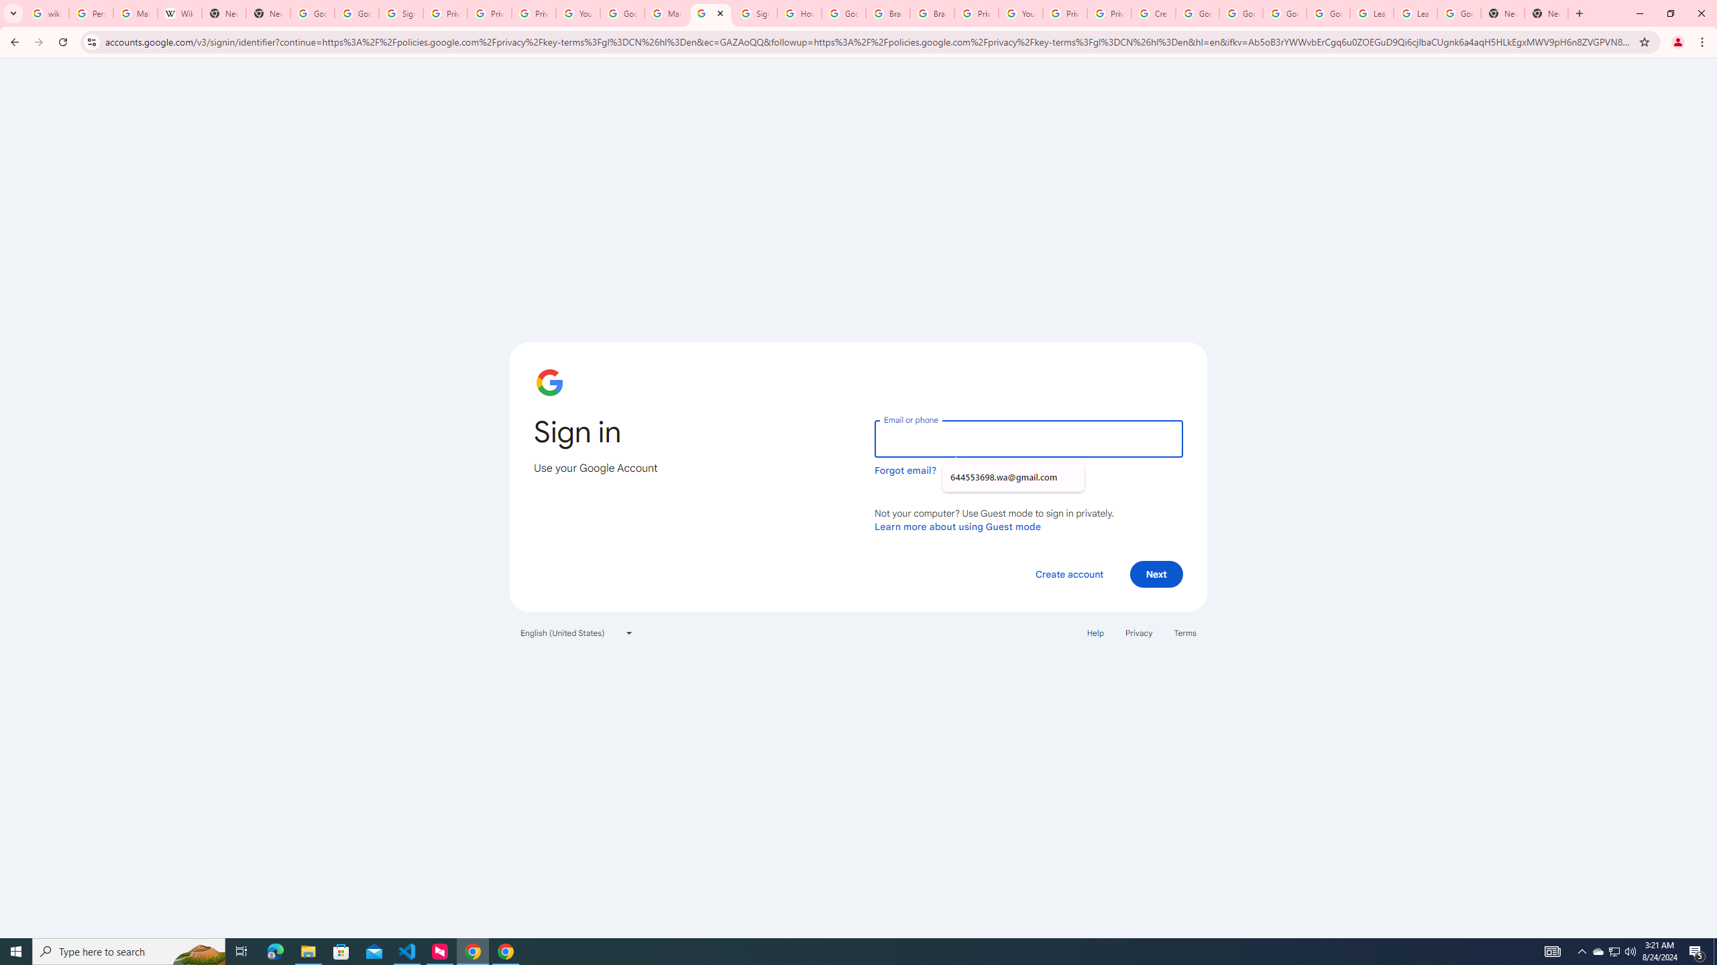  I want to click on 'Wikipedia:Edit requests - Wikipedia', so click(178, 13).